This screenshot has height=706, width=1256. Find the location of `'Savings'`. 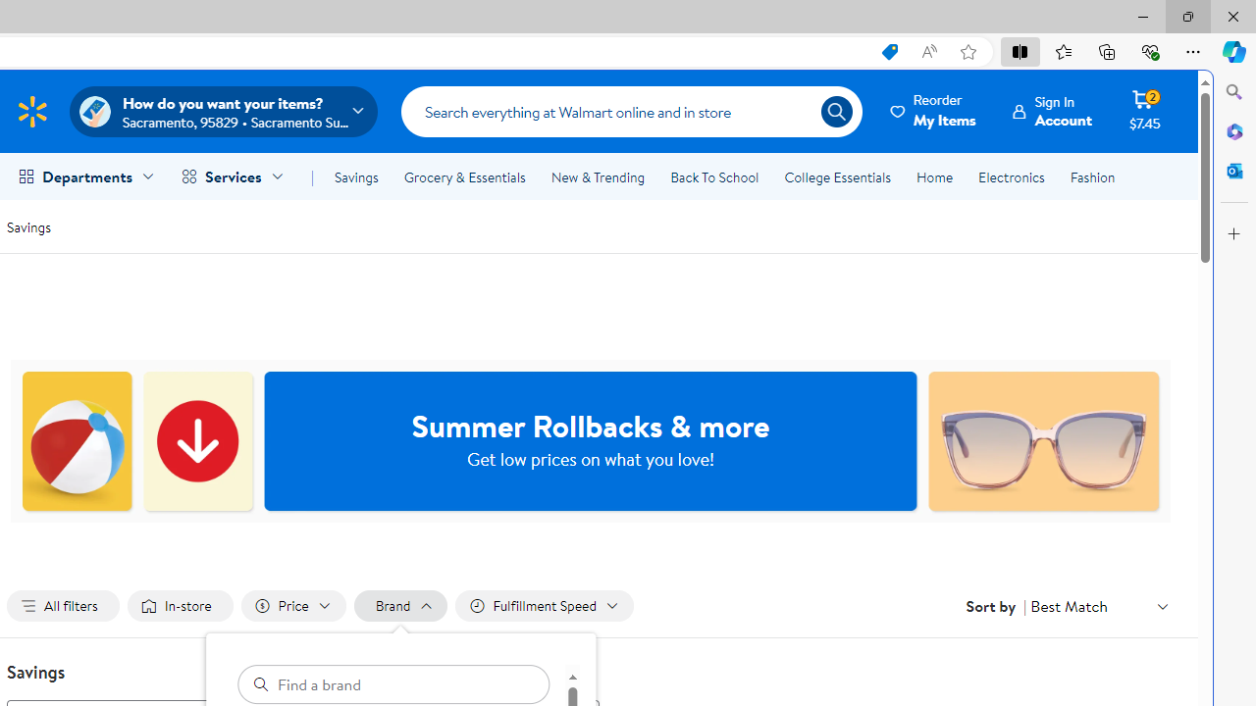

'Savings' is located at coordinates (356, 177).